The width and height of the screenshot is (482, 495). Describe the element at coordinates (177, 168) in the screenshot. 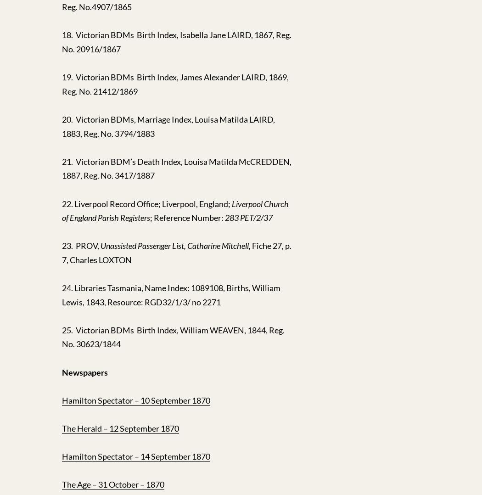

I see `'21.  Victorian BDM’s Death Index, Louisa Matilda McCREDDEN, 1887, Reg. No. 3417/1887'` at that location.